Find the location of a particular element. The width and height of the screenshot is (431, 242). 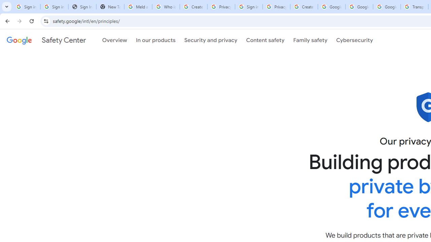

'Cybersecurity' is located at coordinates (354, 40).